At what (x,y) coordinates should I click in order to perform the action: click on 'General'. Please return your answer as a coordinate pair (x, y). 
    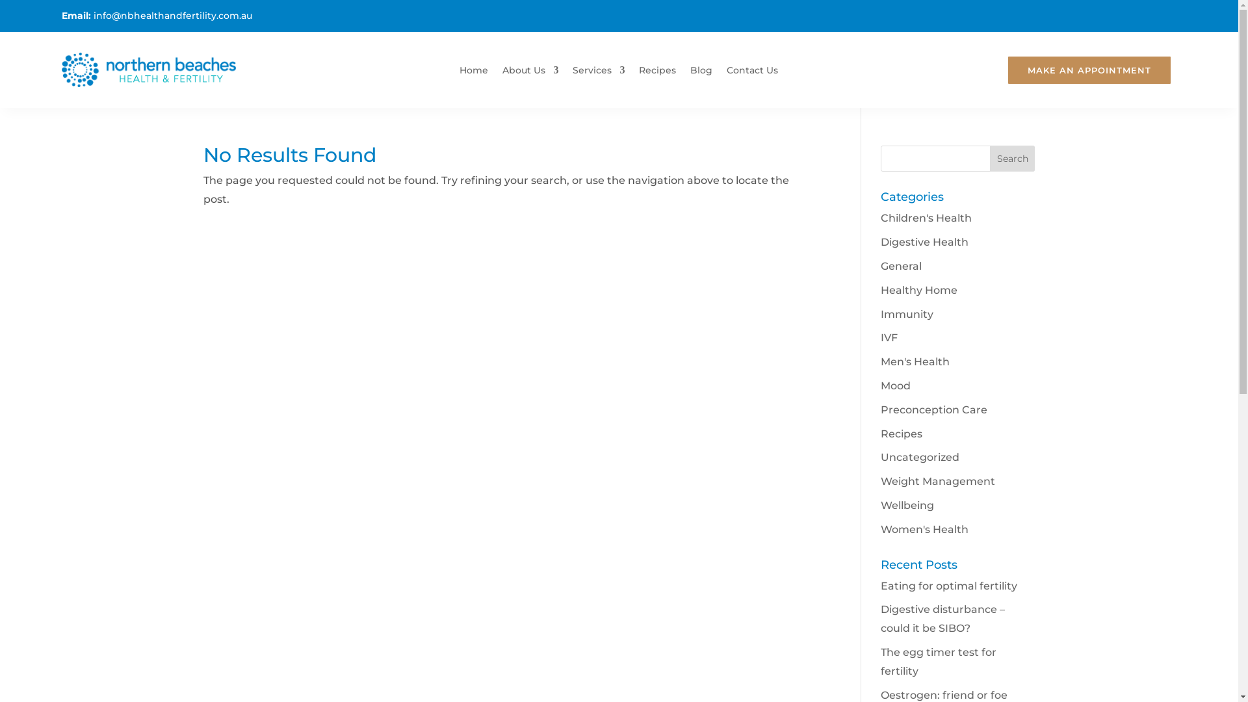
    Looking at the image, I should click on (880, 265).